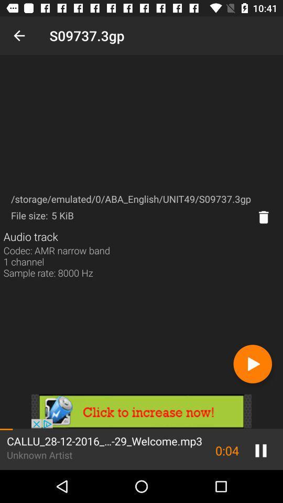  I want to click on the delete icon, so click(263, 216).